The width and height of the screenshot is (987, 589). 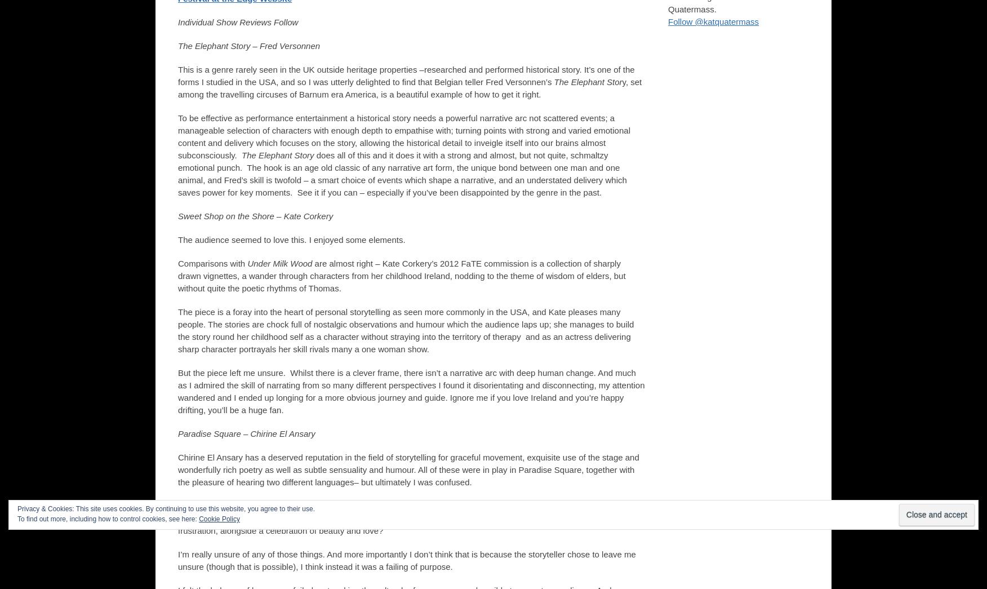 I want to click on 'The Elephant Story – Fred Versonnen', so click(x=249, y=46).